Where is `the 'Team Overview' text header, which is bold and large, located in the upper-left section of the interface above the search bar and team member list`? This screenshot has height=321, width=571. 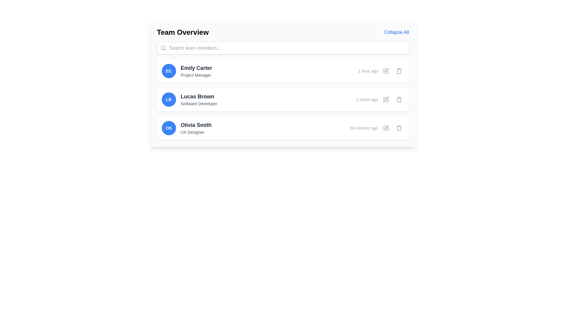 the 'Team Overview' text header, which is bold and large, located in the upper-left section of the interface above the search bar and team member list is located at coordinates (182, 32).